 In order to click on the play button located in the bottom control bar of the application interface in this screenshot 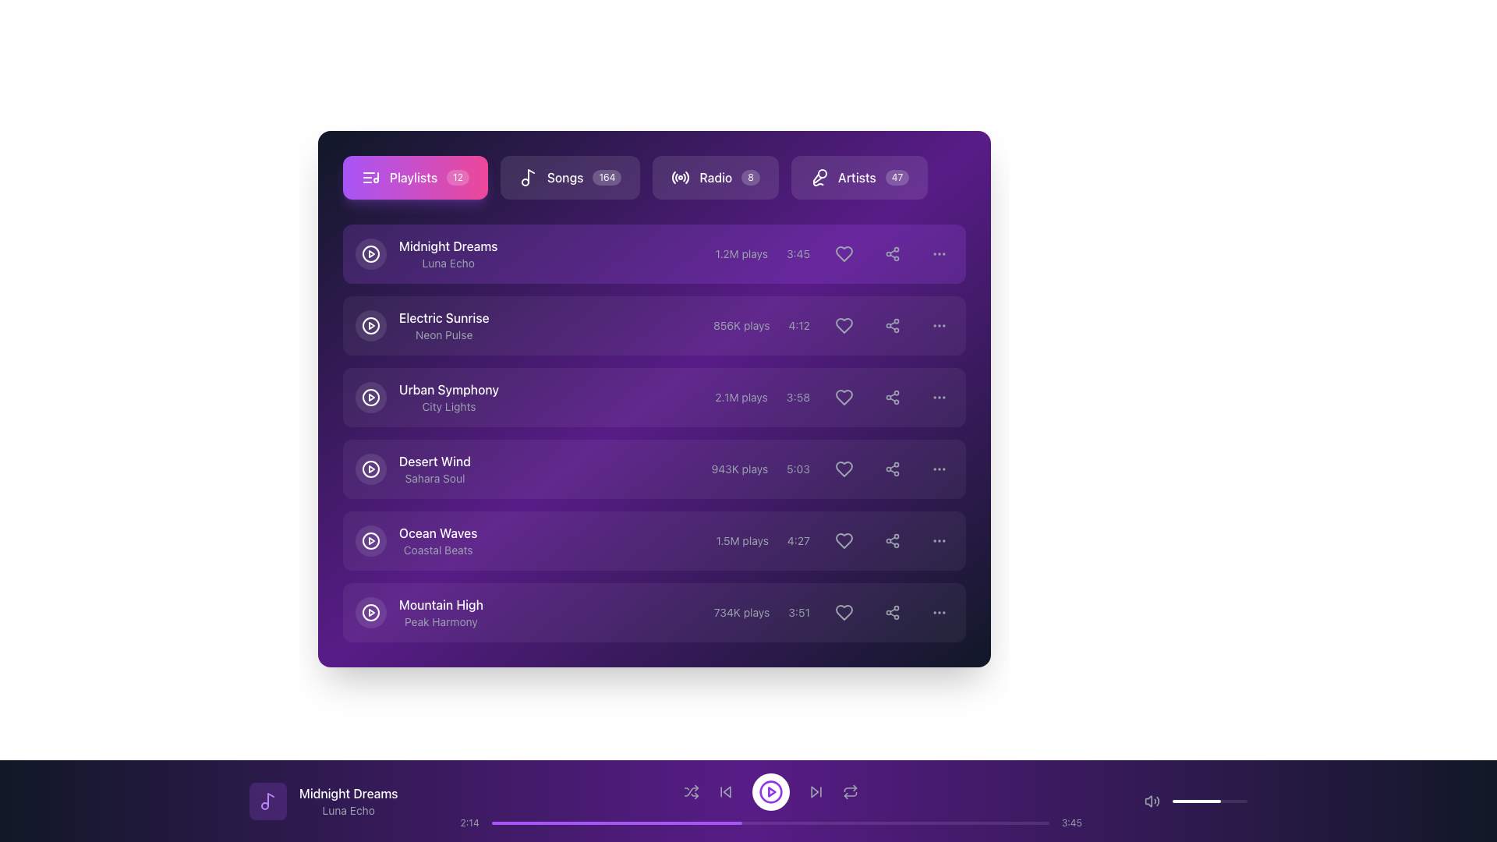, I will do `click(771, 791)`.